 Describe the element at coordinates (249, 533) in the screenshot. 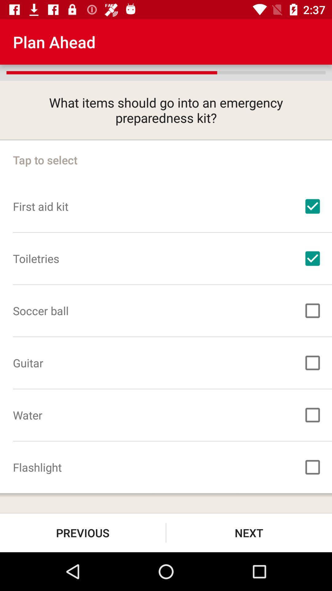

I see `next item` at that location.